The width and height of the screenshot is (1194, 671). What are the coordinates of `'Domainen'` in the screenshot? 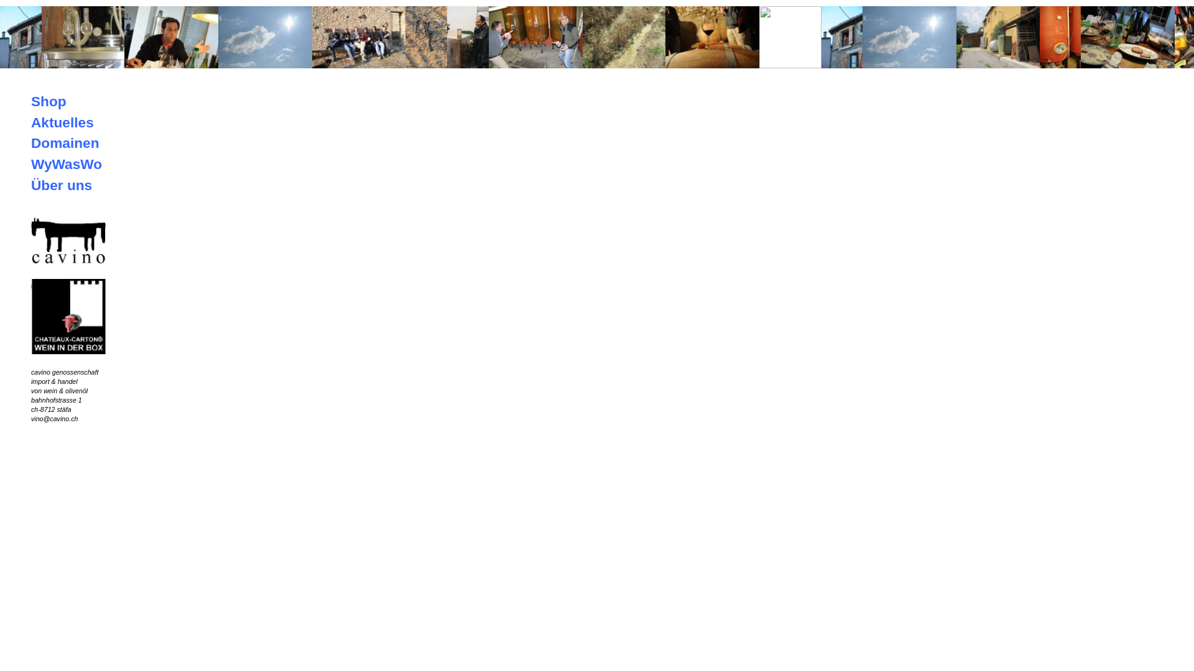 It's located at (65, 142).